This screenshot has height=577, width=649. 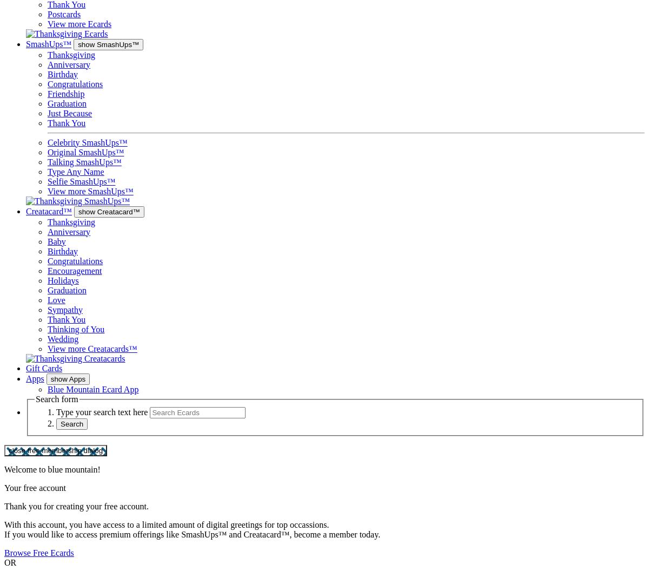 I want to click on 'Baby', so click(x=56, y=241).